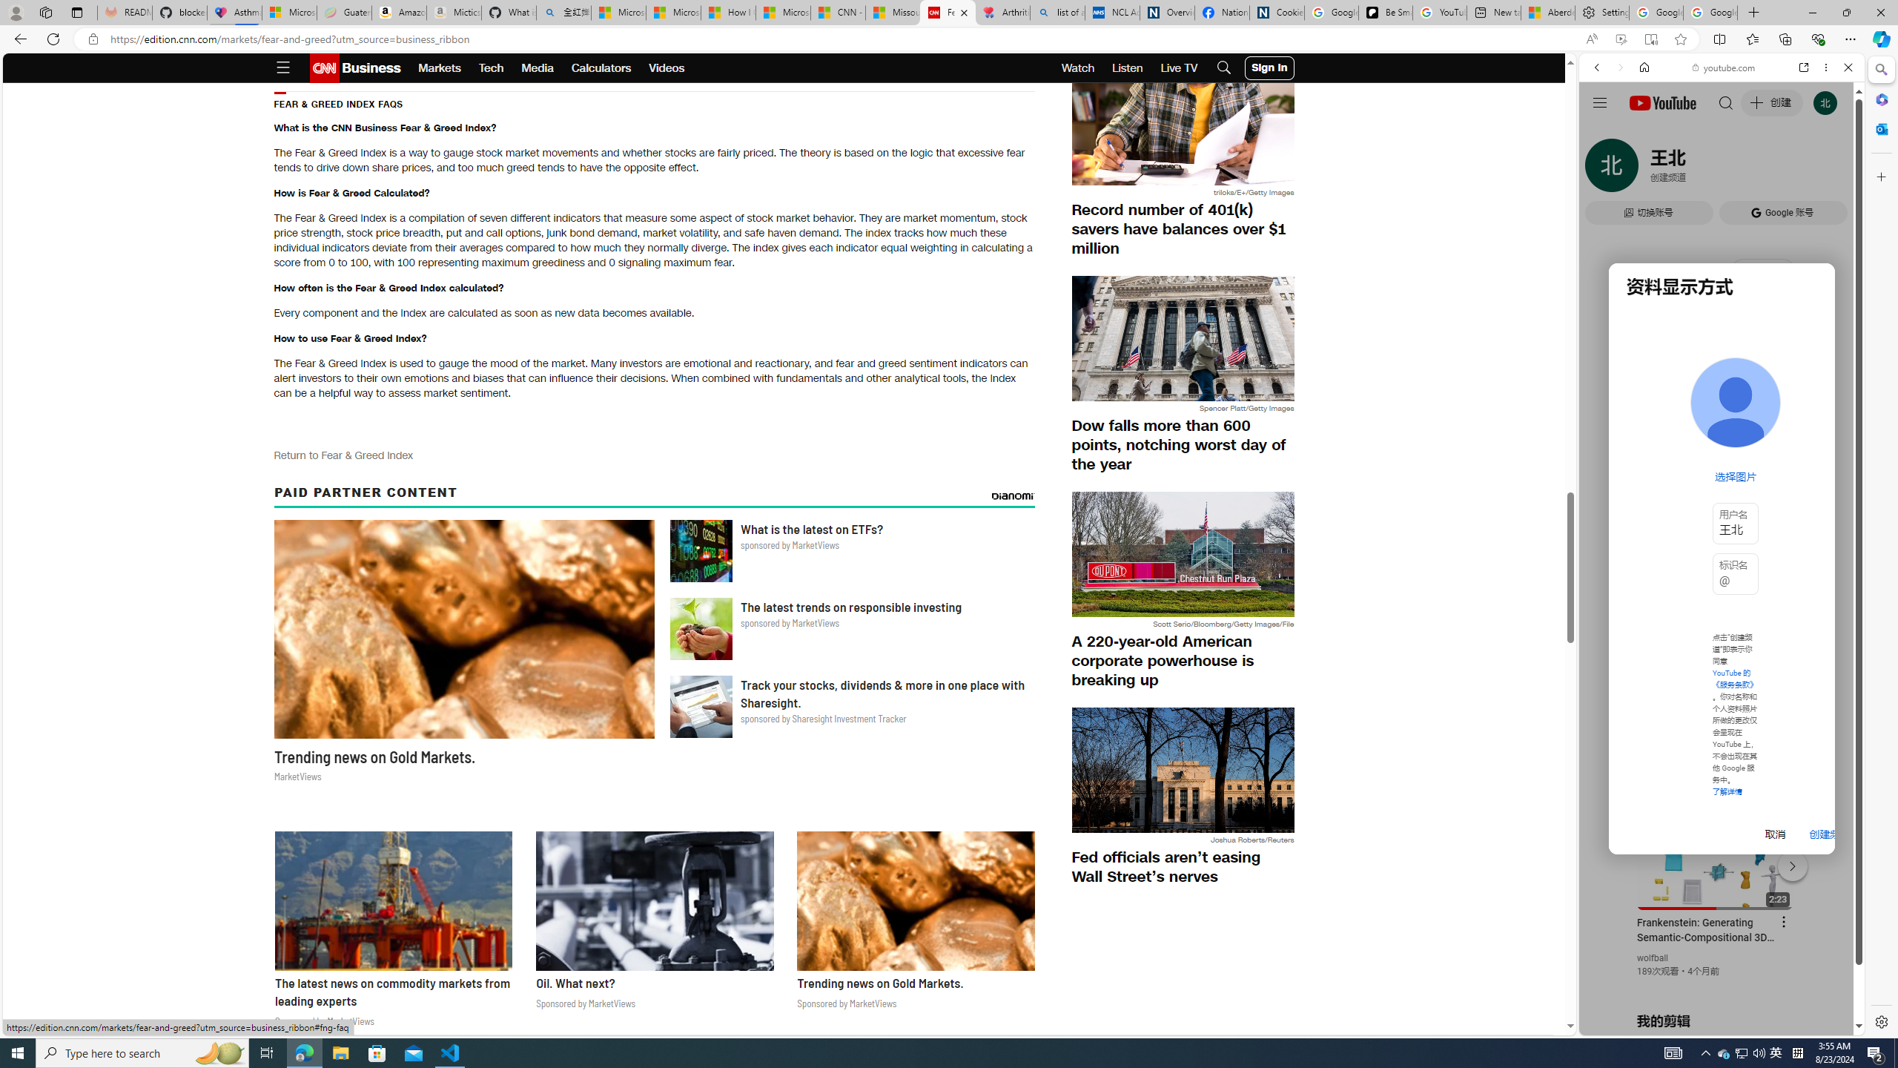  Describe the element at coordinates (282, 67) in the screenshot. I see `'Open Menu Icon'` at that location.